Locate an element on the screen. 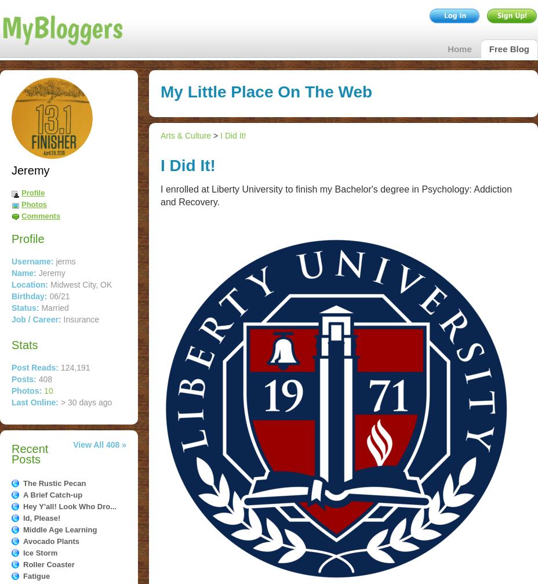 This screenshot has width=538, height=584. 'Hey Y'all! Look Who Dro...' is located at coordinates (70, 506).